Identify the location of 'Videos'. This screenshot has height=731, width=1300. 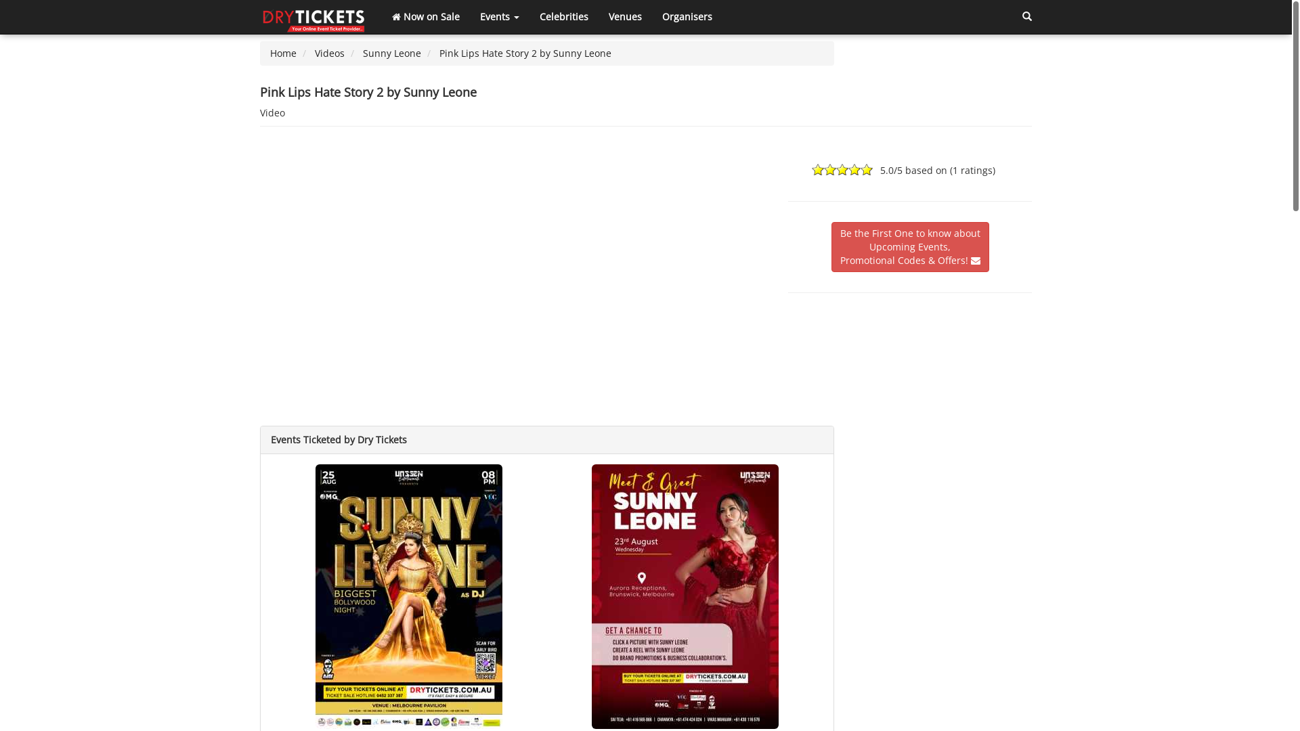
(329, 52).